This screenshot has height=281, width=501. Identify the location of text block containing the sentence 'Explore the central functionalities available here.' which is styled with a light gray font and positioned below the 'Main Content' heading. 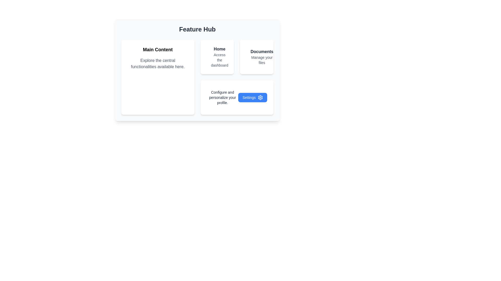
(157, 63).